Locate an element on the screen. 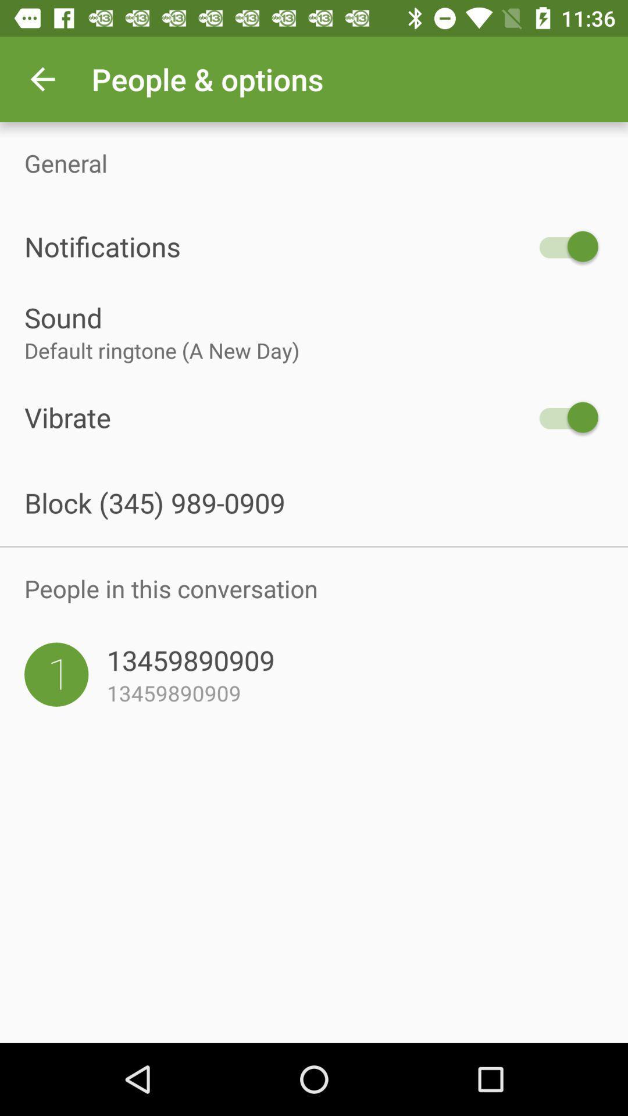  item above the sound is located at coordinates (277, 246).